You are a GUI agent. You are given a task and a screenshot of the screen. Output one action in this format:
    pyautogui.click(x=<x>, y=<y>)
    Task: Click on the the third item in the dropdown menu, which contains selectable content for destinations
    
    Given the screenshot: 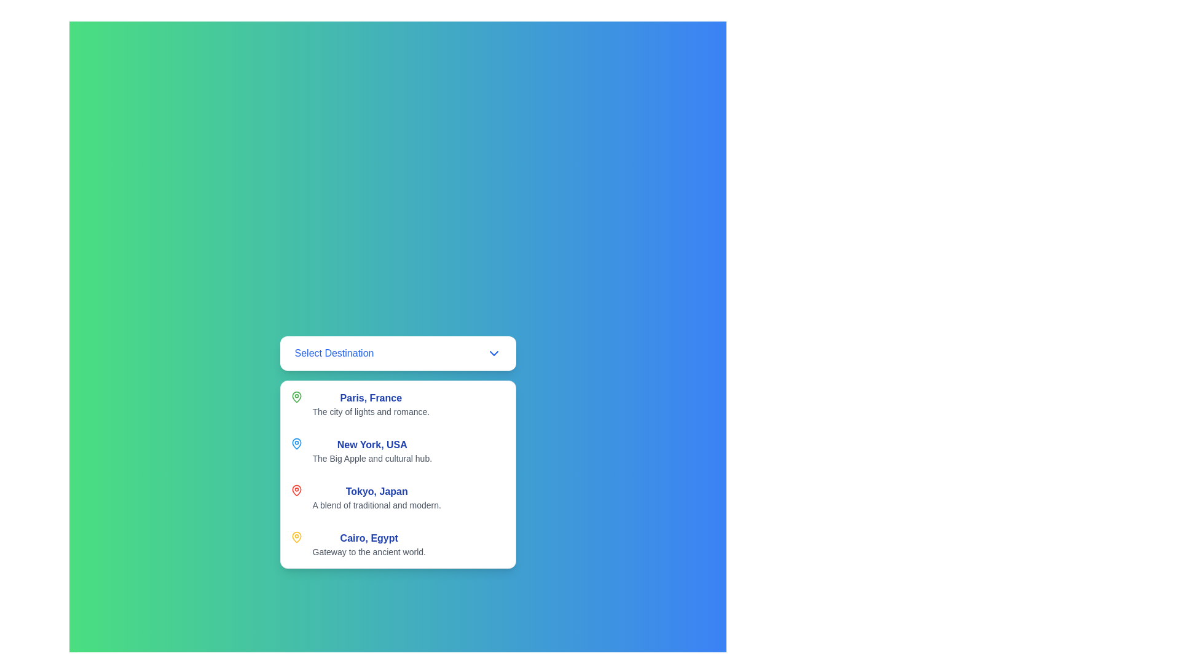 What is the action you would take?
    pyautogui.click(x=398, y=473)
    